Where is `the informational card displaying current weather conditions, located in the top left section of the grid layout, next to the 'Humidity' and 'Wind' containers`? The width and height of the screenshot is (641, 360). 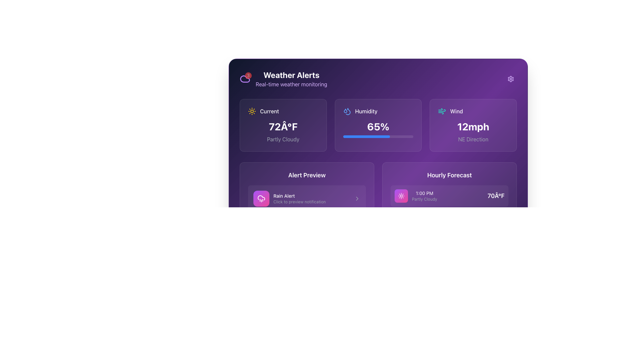
the informational card displaying current weather conditions, located in the top left section of the grid layout, next to the 'Humidity' and 'Wind' containers is located at coordinates (283, 125).